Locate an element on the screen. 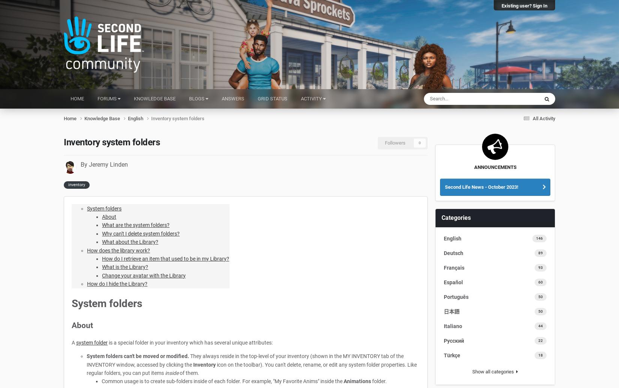 Image resolution: width=619 pixels, height=388 pixels. 'Announcements' is located at coordinates (494, 167).